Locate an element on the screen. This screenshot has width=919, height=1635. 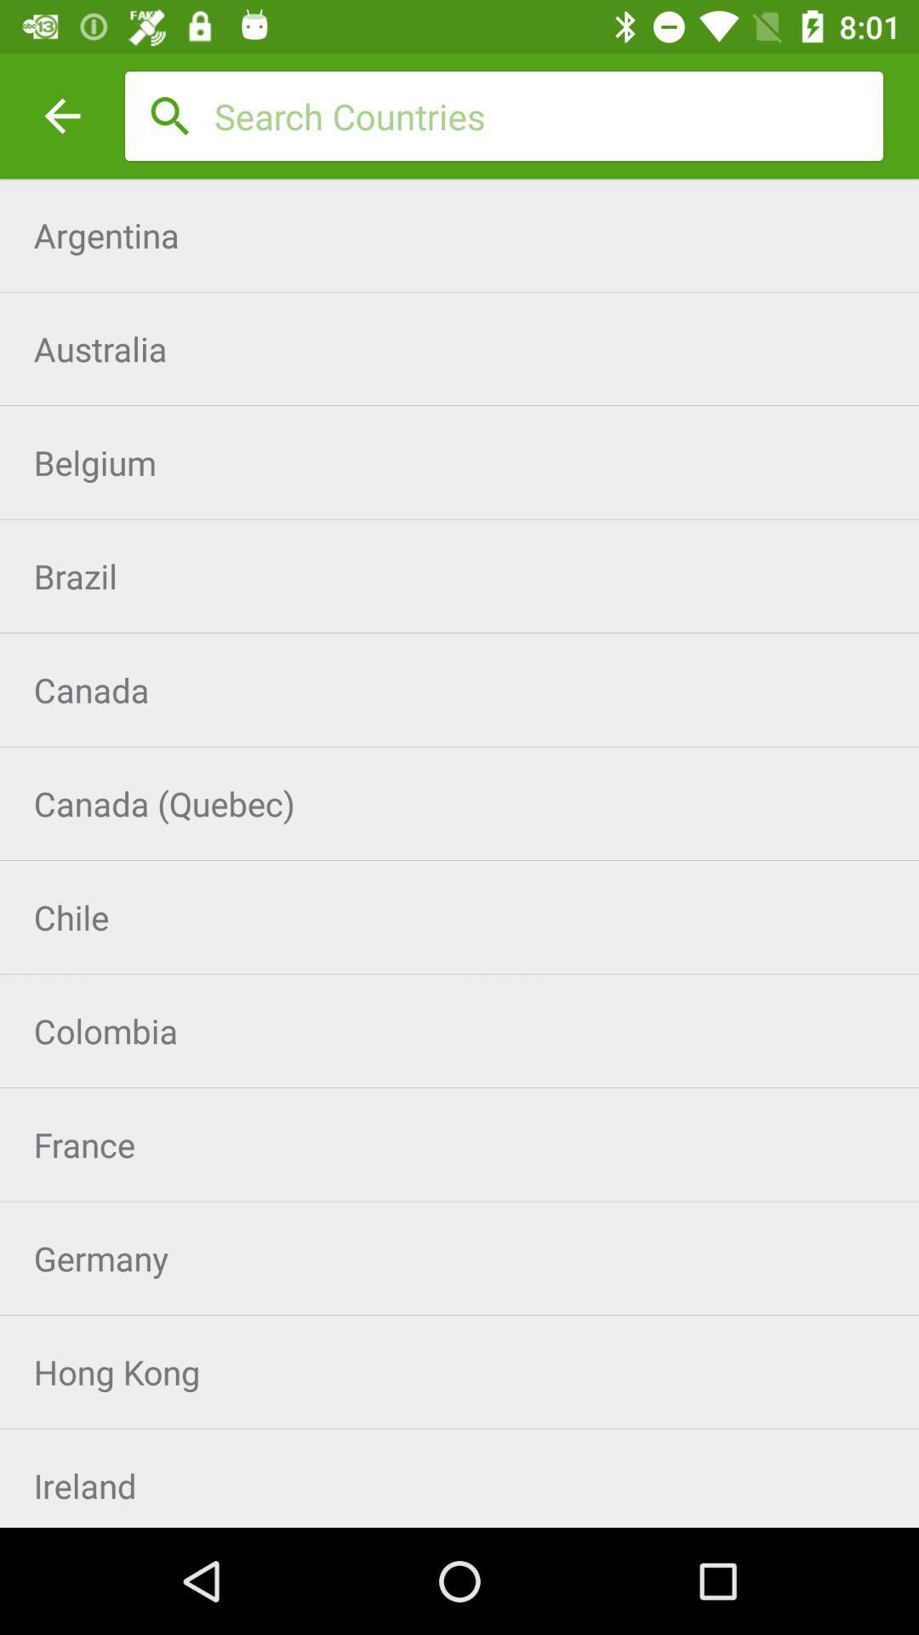
text box to search countries list is located at coordinates (548, 115).